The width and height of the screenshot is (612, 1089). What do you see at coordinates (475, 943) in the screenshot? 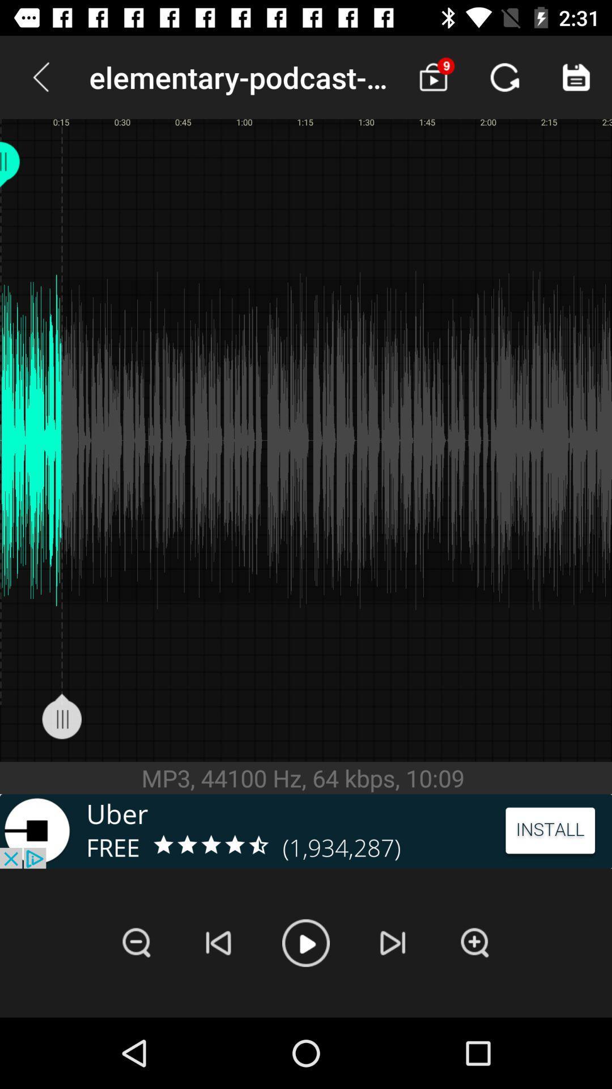
I see `zoom in` at bounding box center [475, 943].